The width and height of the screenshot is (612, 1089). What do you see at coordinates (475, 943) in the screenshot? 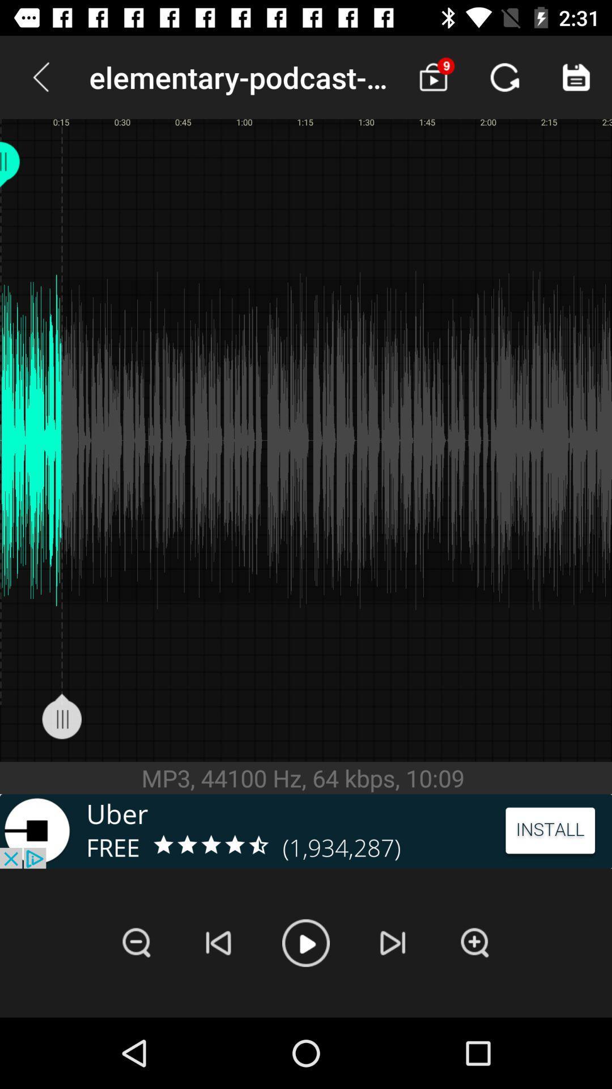
I see `zoom in` at bounding box center [475, 943].